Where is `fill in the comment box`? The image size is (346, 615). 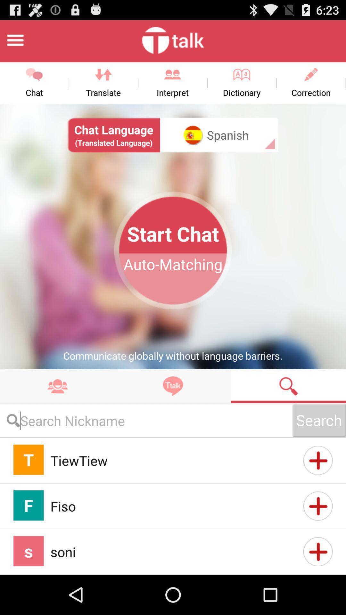
fill in the comment box is located at coordinates (146, 421).